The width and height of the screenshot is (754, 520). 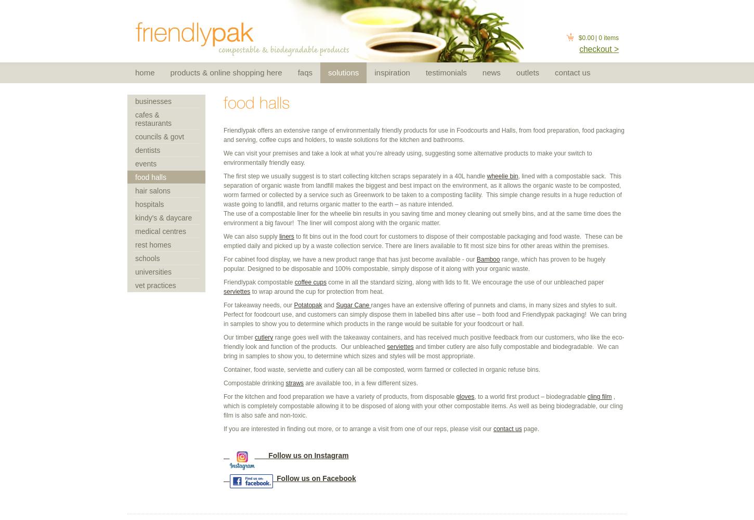 I want to click on 'Friendlypak offers an extensive range of environmentally friendly products for use in Foodcourts and Halls, from food preparation, food packaging and serving, coffee cups and holders, to waste solutions for the kitchen and bathrooms.', so click(x=424, y=135).